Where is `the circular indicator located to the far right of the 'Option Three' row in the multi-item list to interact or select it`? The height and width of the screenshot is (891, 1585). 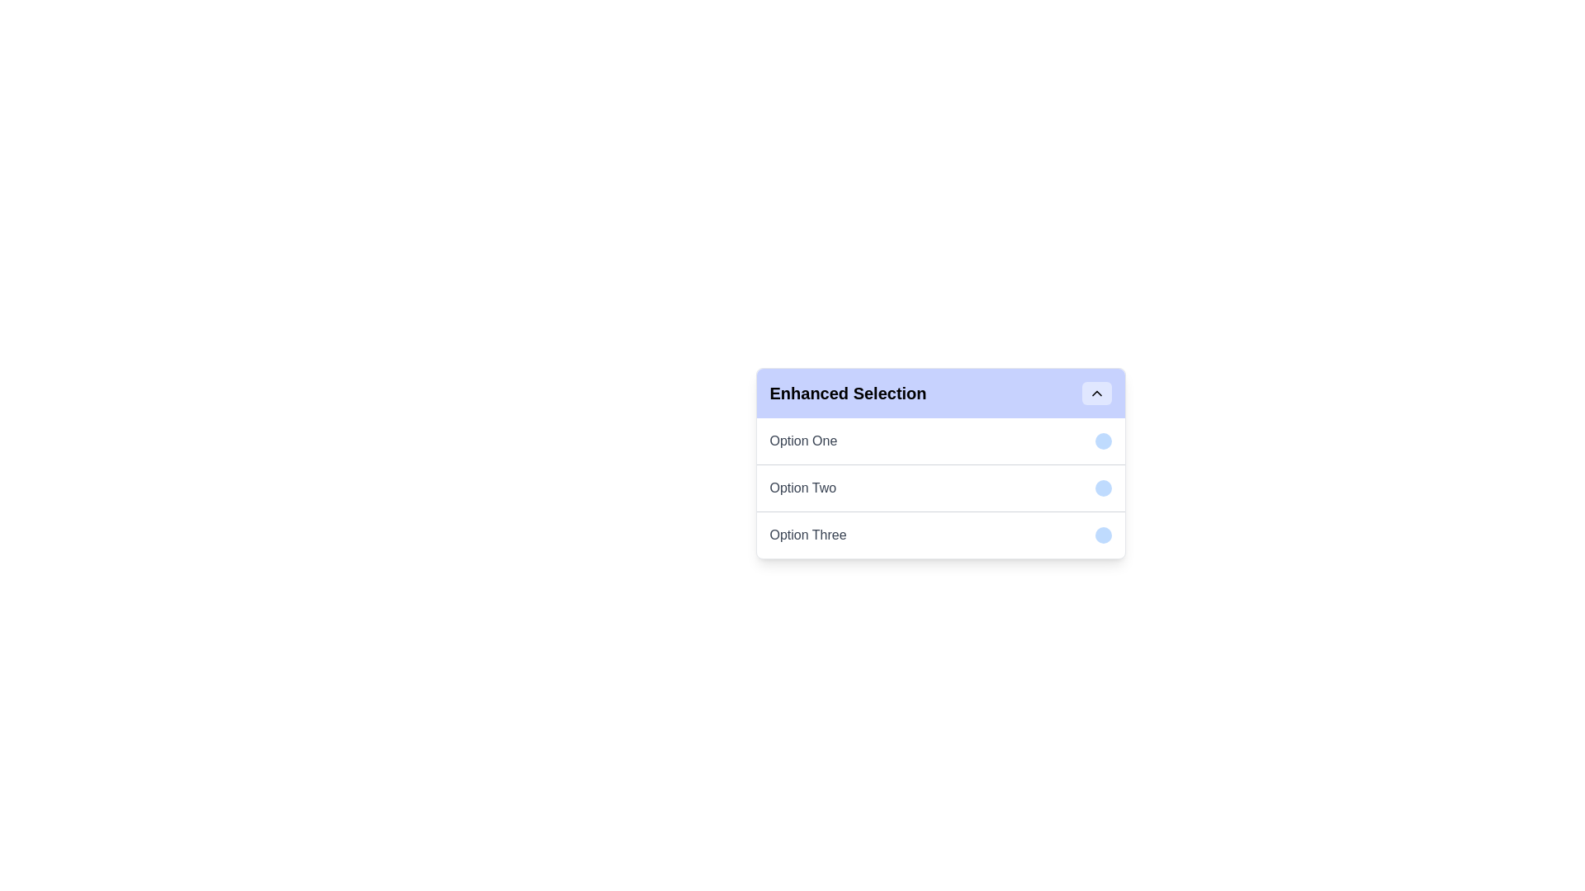 the circular indicator located to the far right of the 'Option Three' row in the multi-item list to interact or select it is located at coordinates (1103, 535).